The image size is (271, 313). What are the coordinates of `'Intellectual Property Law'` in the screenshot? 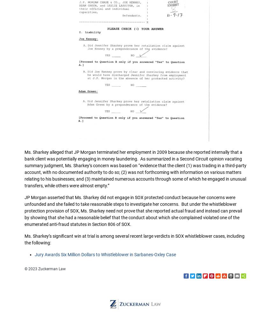 It's located at (135, 60).